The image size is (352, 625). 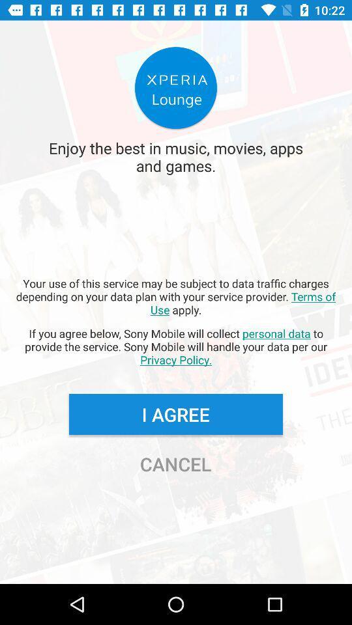 I want to click on the app below enjoy the best item, so click(x=176, y=296).